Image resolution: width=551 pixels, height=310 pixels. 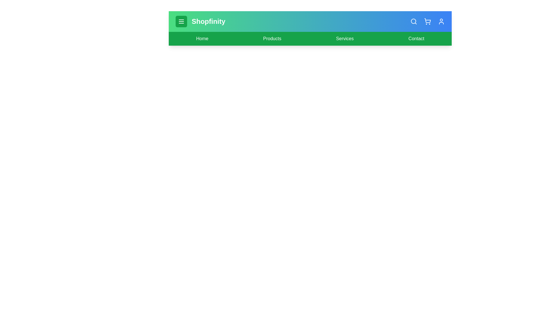 What do you see at coordinates (416, 39) in the screenshot?
I see `the 'Contact' link within the navigation bar to navigate to the Contact page` at bounding box center [416, 39].